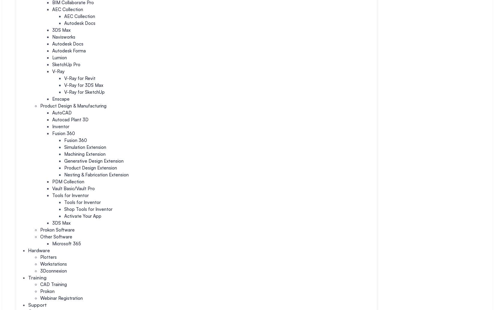 The width and height of the screenshot is (495, 310). Describe the element at coordinates (40, 236) in the screenshot. I see `'Other Software'` at that location.